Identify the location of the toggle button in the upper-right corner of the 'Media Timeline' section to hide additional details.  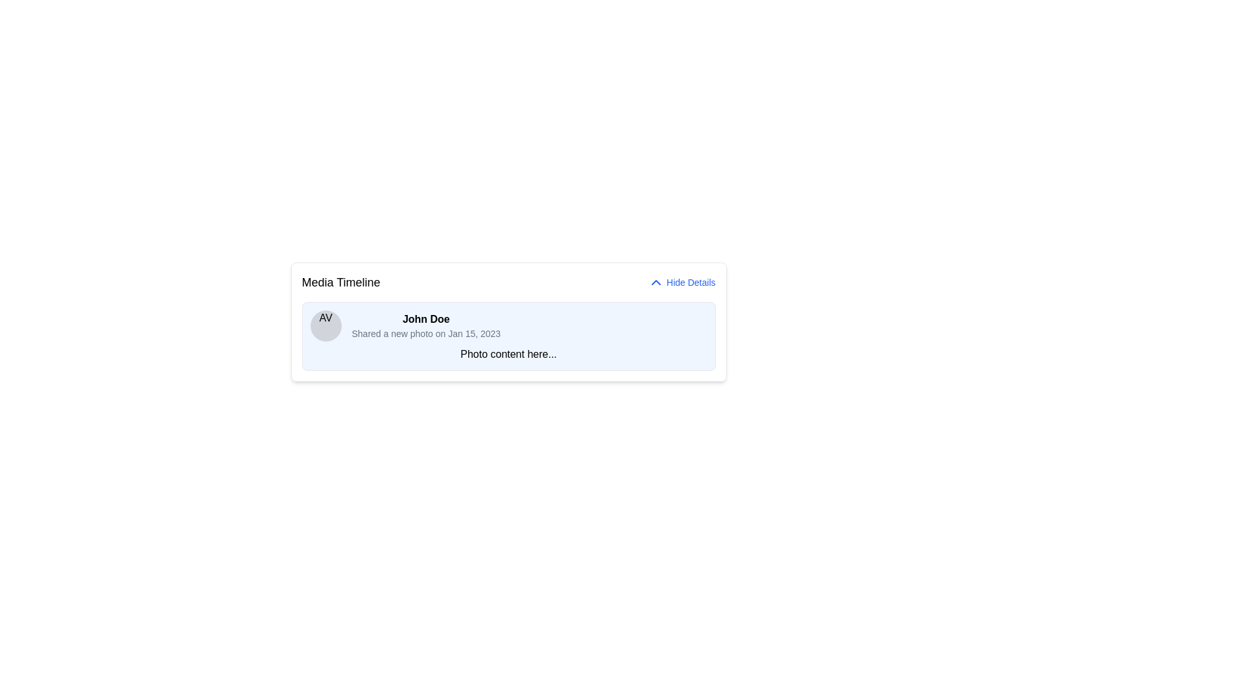
(681, 281).